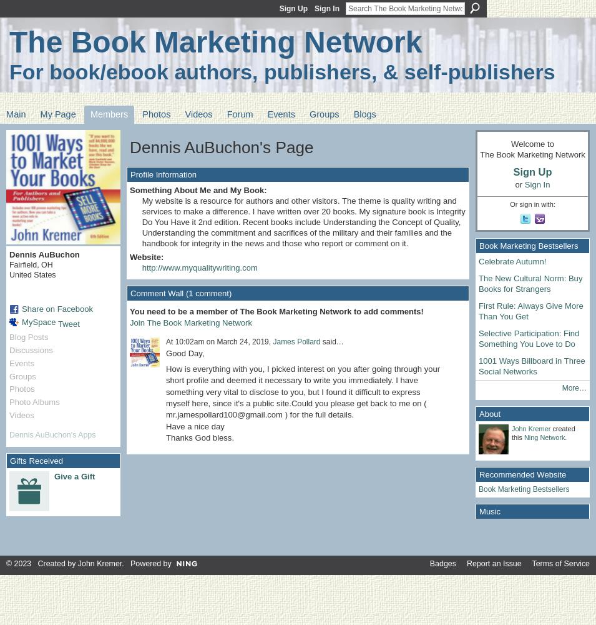  Describe the element at coordinates (529, 338) in the screenshot. I see `'Selective Participation: Find Something You Love to Do'` at that location.